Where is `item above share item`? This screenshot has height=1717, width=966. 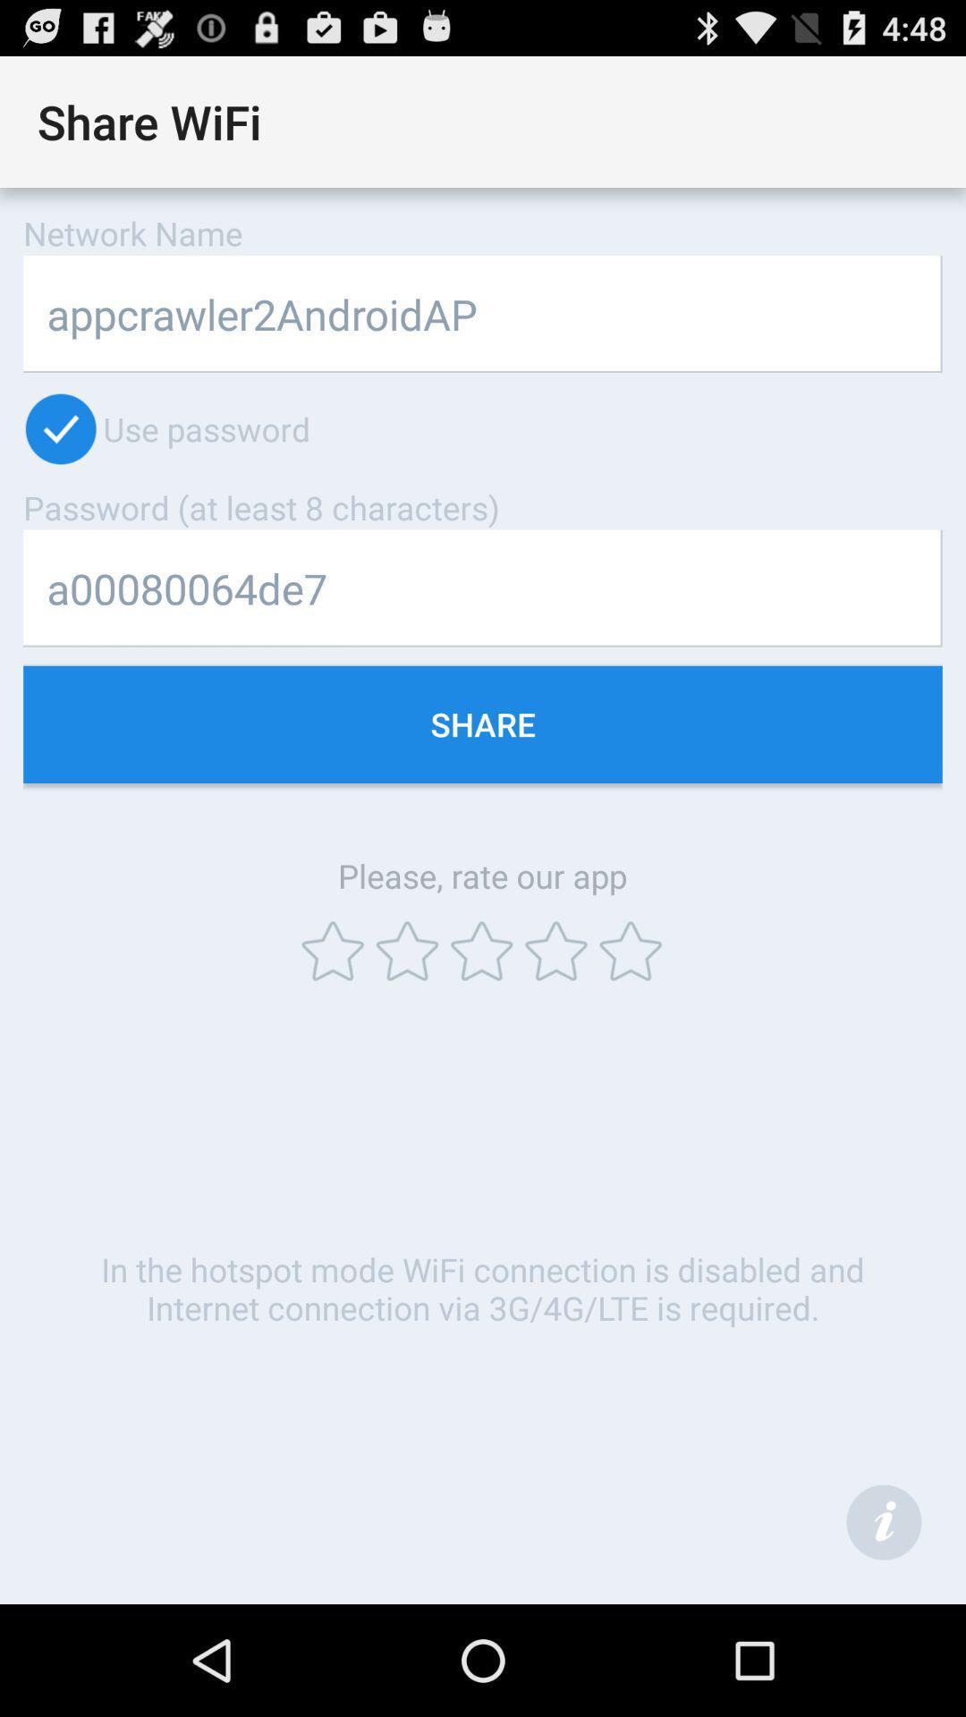 item above share item is located at coordinates (483, 588).